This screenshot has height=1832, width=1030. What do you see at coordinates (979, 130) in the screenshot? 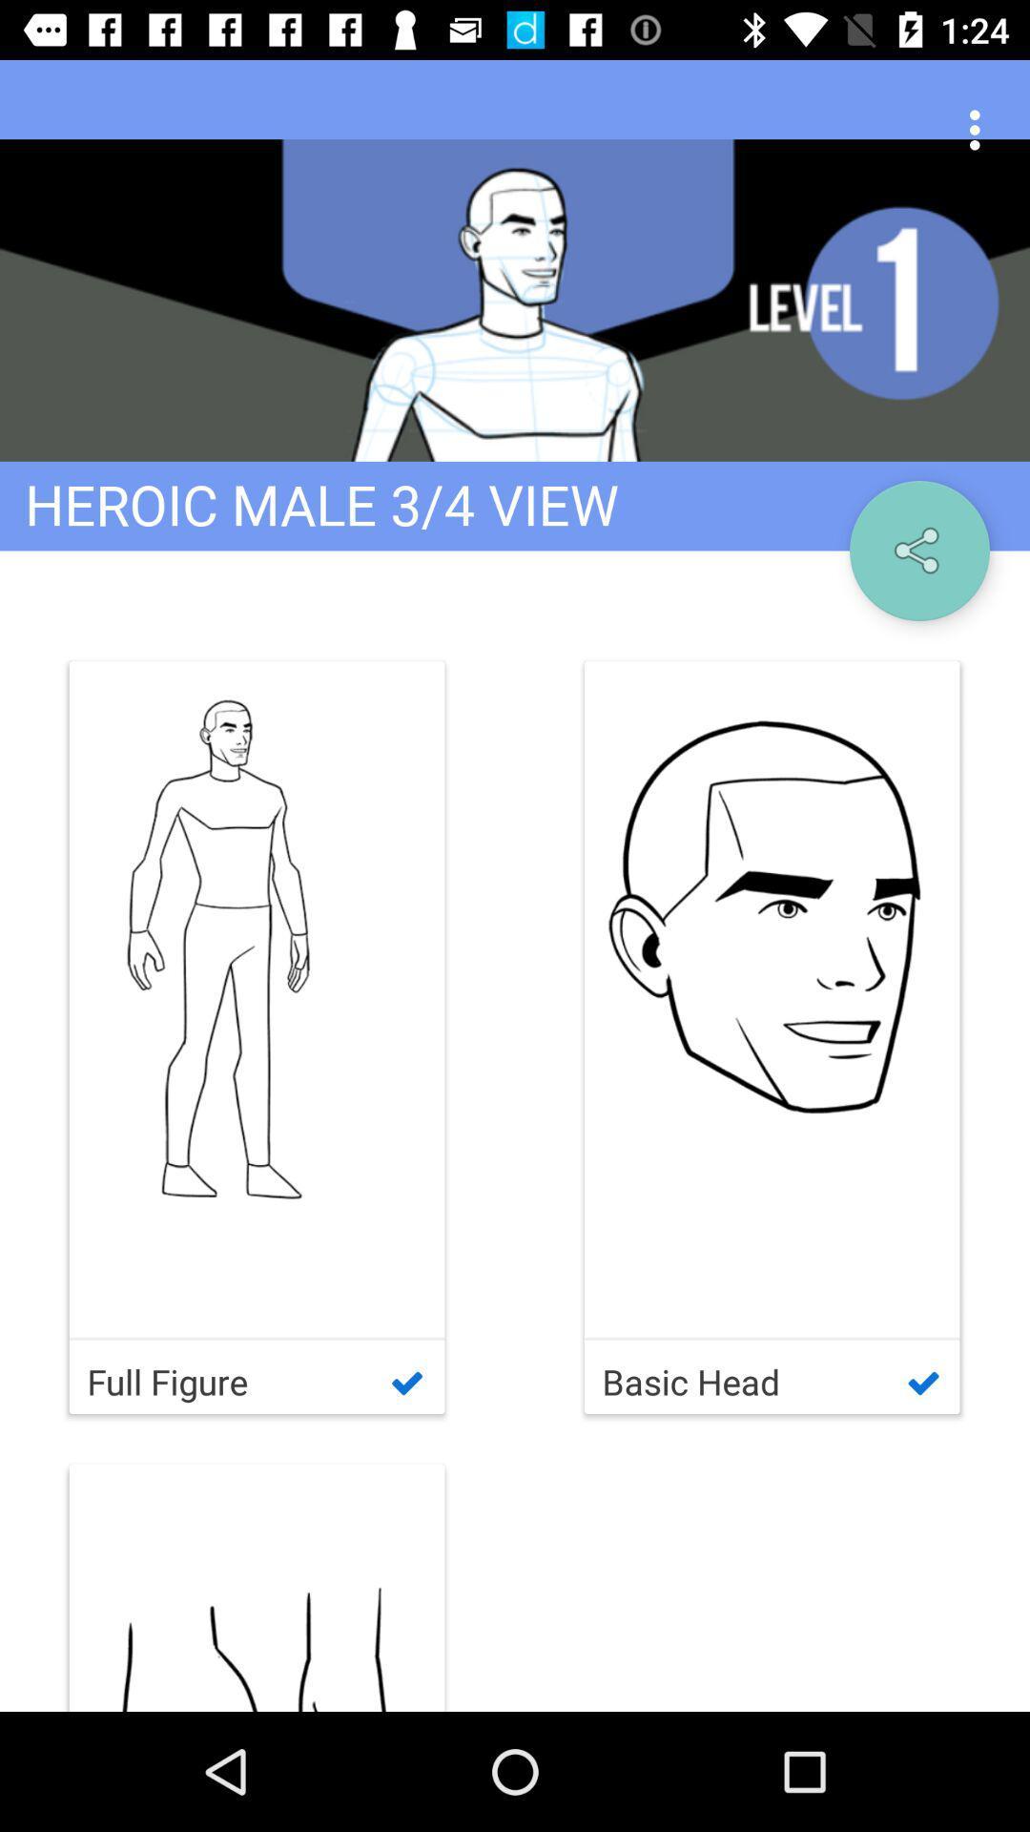
I see `more options on a page` at bounding box center [979, 130].